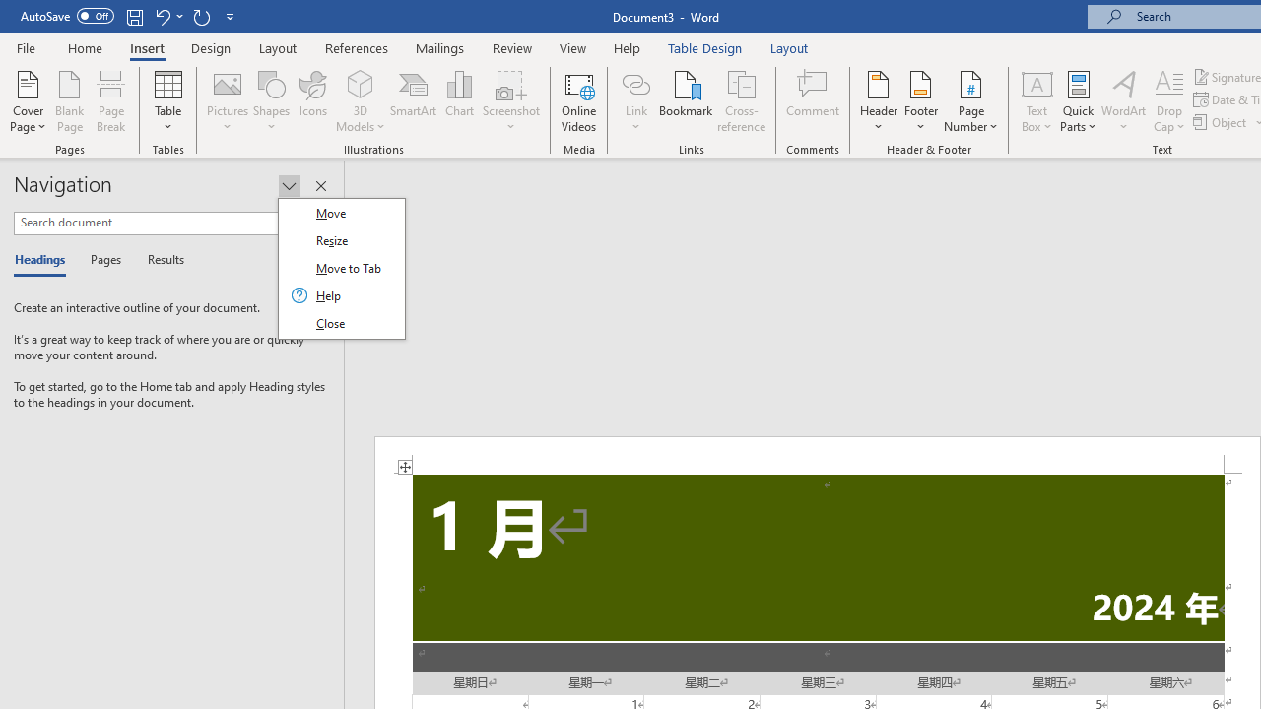  What do you see at coordinates (159, 260) in the screenshot?
I see `'Results'` at bounding box center [159, 260].